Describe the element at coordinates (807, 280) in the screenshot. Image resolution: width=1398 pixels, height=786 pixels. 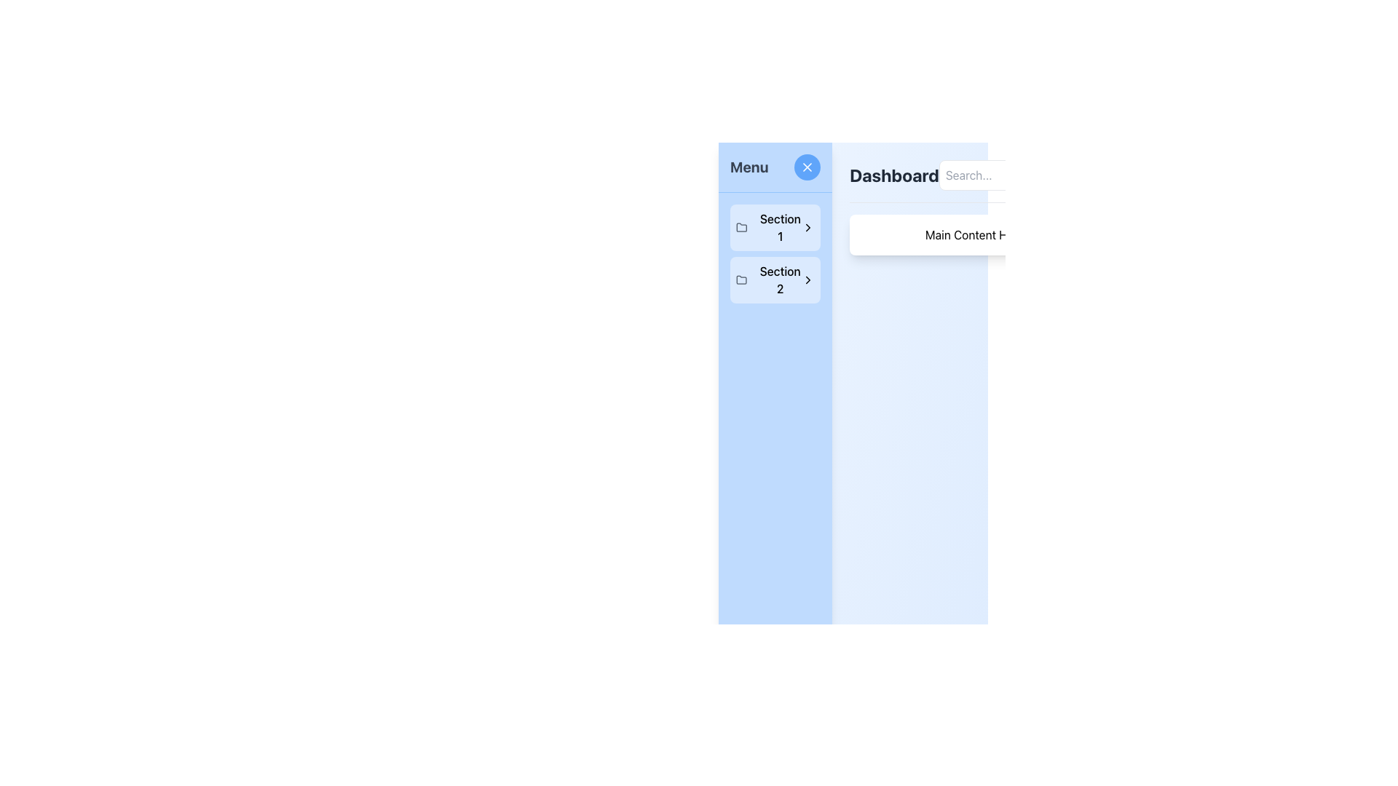
I see `the icon located directly to the right of the 'Section 2' text label in the vertical navigation menu` at that location.